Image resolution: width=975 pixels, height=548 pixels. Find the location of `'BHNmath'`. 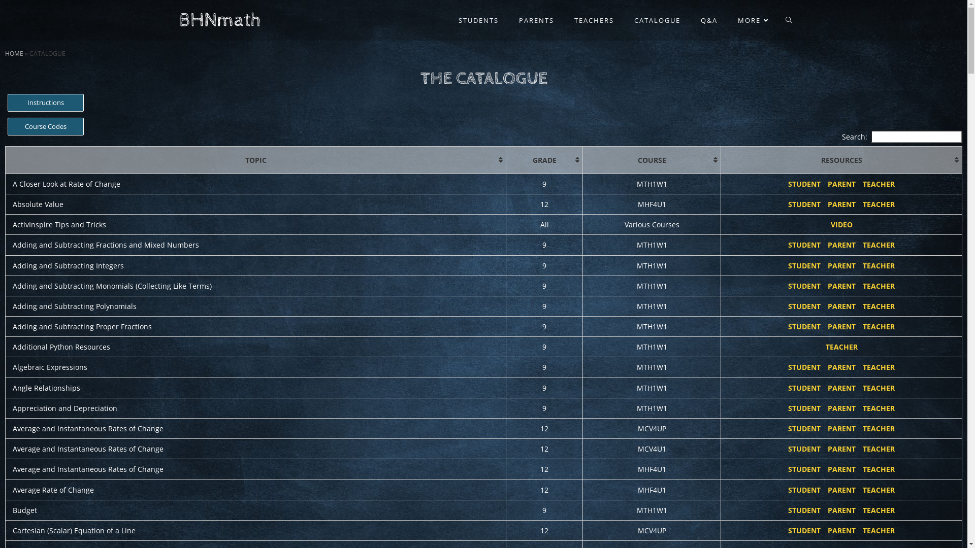

'BHNmath' is located at coordinates (178, 20).